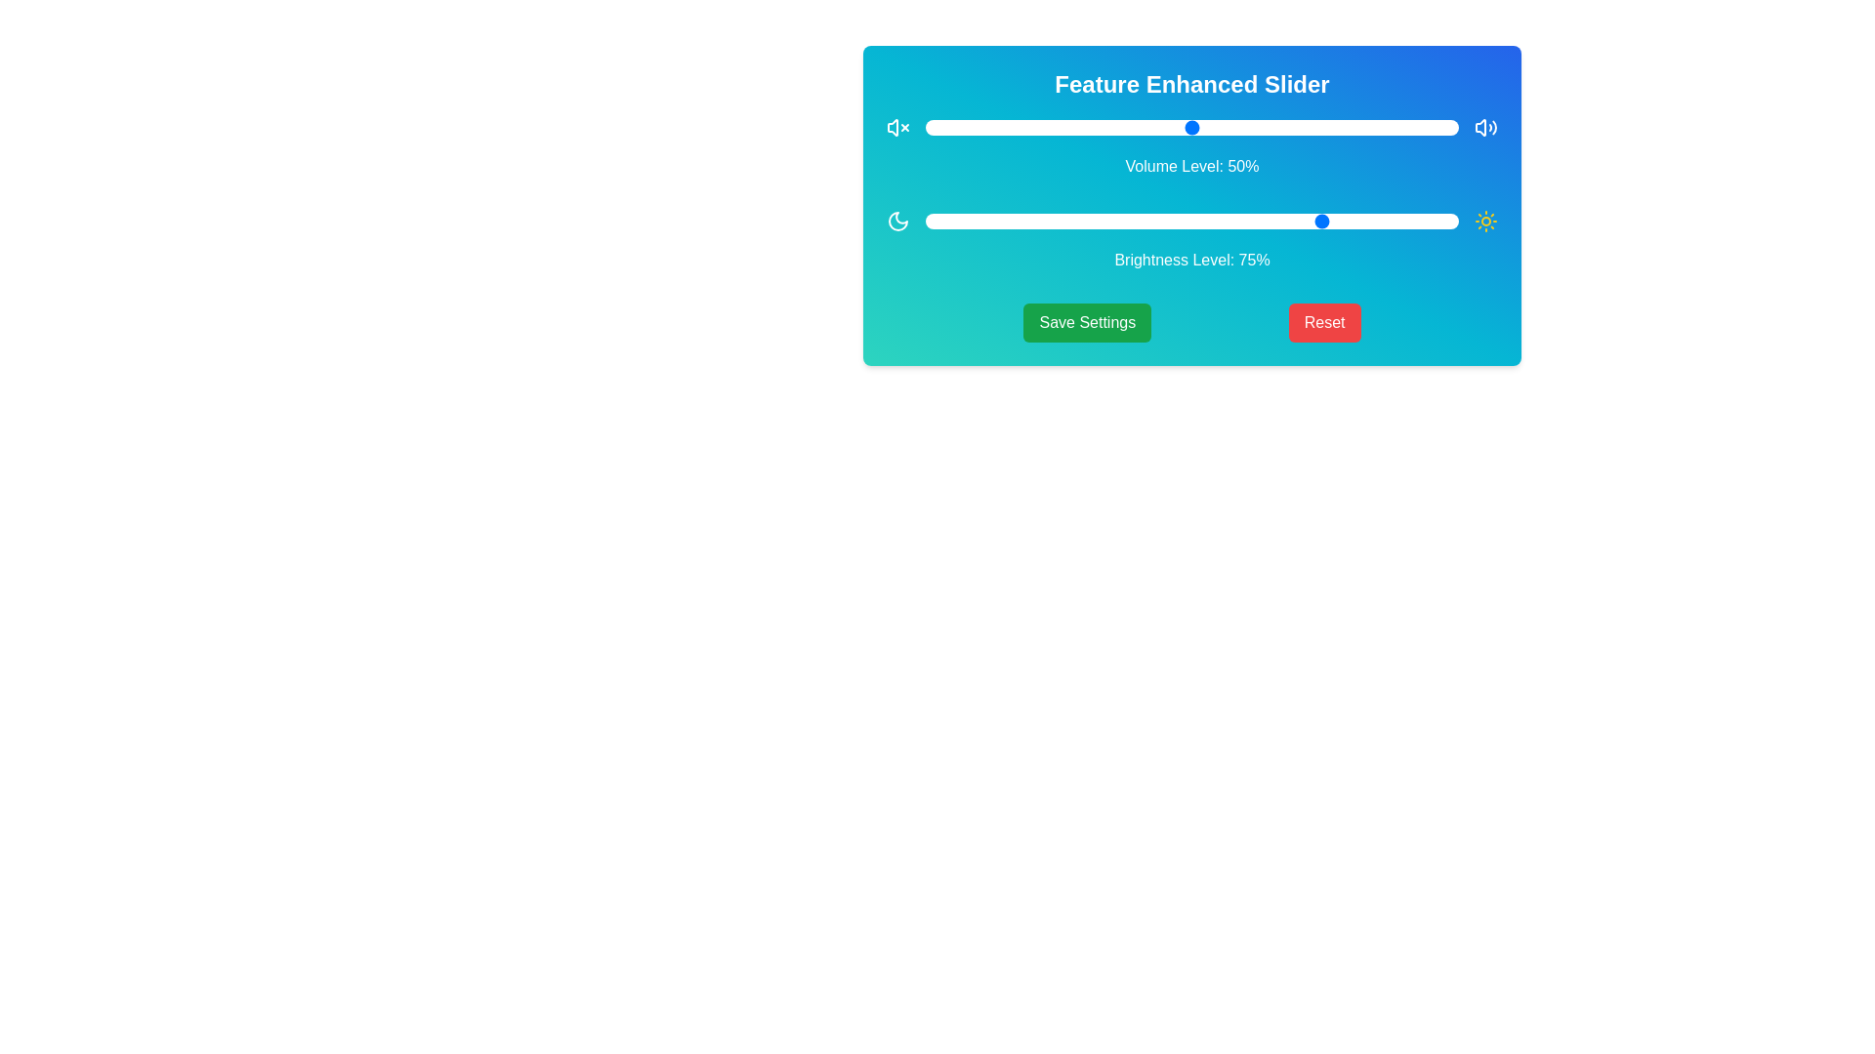  Describe the element at coordinates (1190, 239) in the screenshot. I see `the 'Brightness Level: 75%' label that is centered under the brightness slider and above the 'Save Settings' and 'Reset' buttons` at that location.